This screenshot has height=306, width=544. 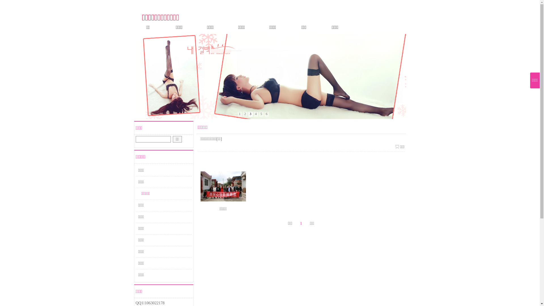 I want to click on '5', so click(x=261, y=114).